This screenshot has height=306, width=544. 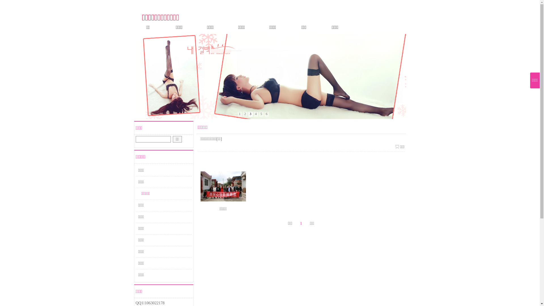 I want to click on '5', so click(x=261, y=114).